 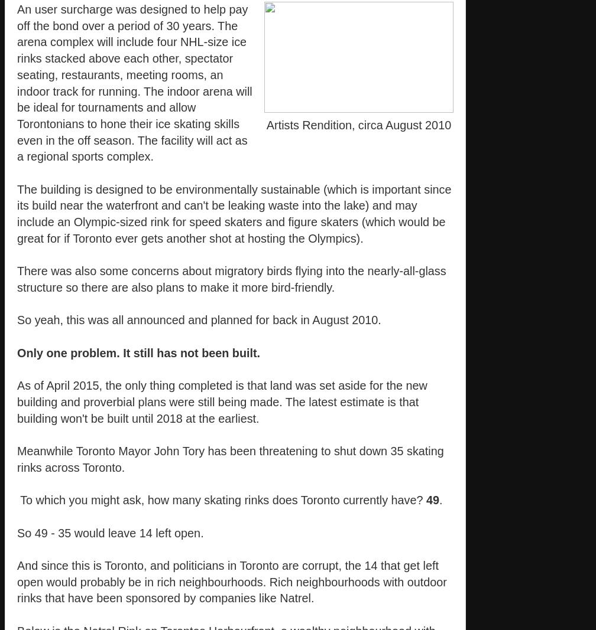 What do you see at coordinates (358, 125) in the screenshot?
I see `'Artists Rendition, circa August 2010'` at bounding box center [358, 125].